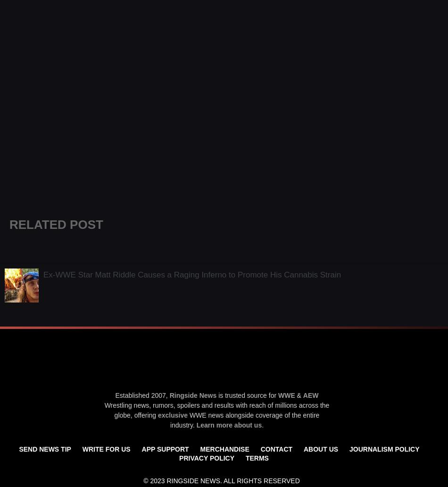 The width and height of the screenshot is (448, 487). Describe the element at coordinates (192, 395) in the screenshot. I see `'Ringside News'` at that location.